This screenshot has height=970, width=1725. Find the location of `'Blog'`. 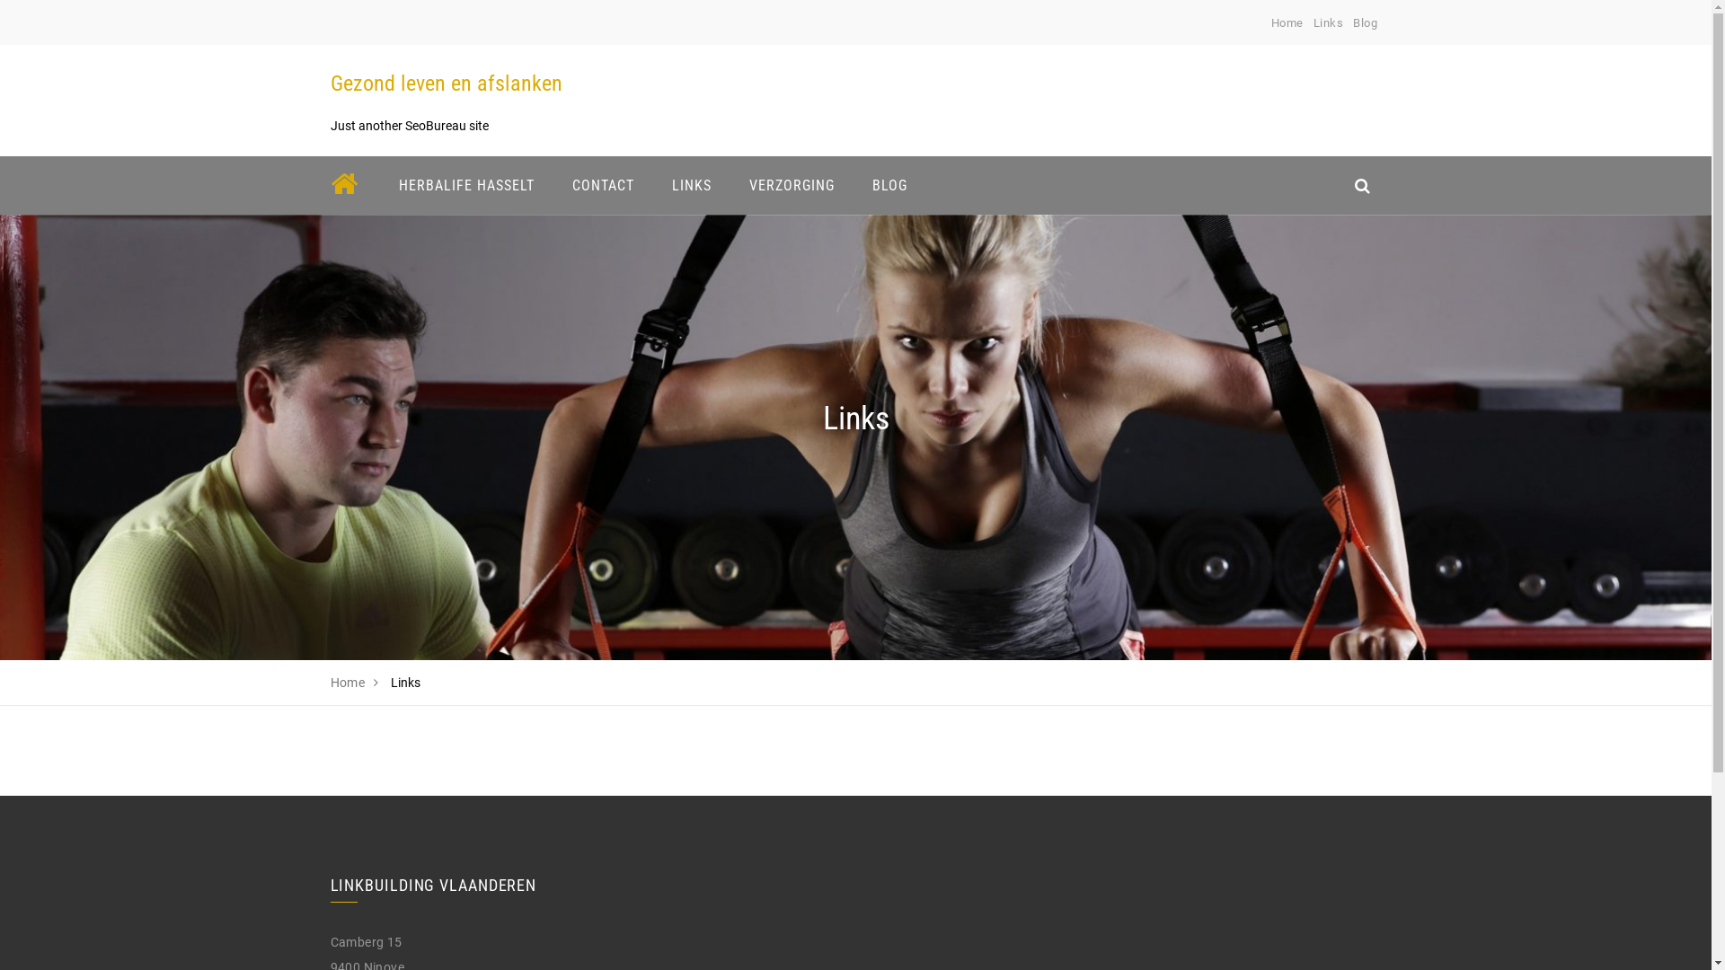

'Blog' is located at coordinates (1365, 22).